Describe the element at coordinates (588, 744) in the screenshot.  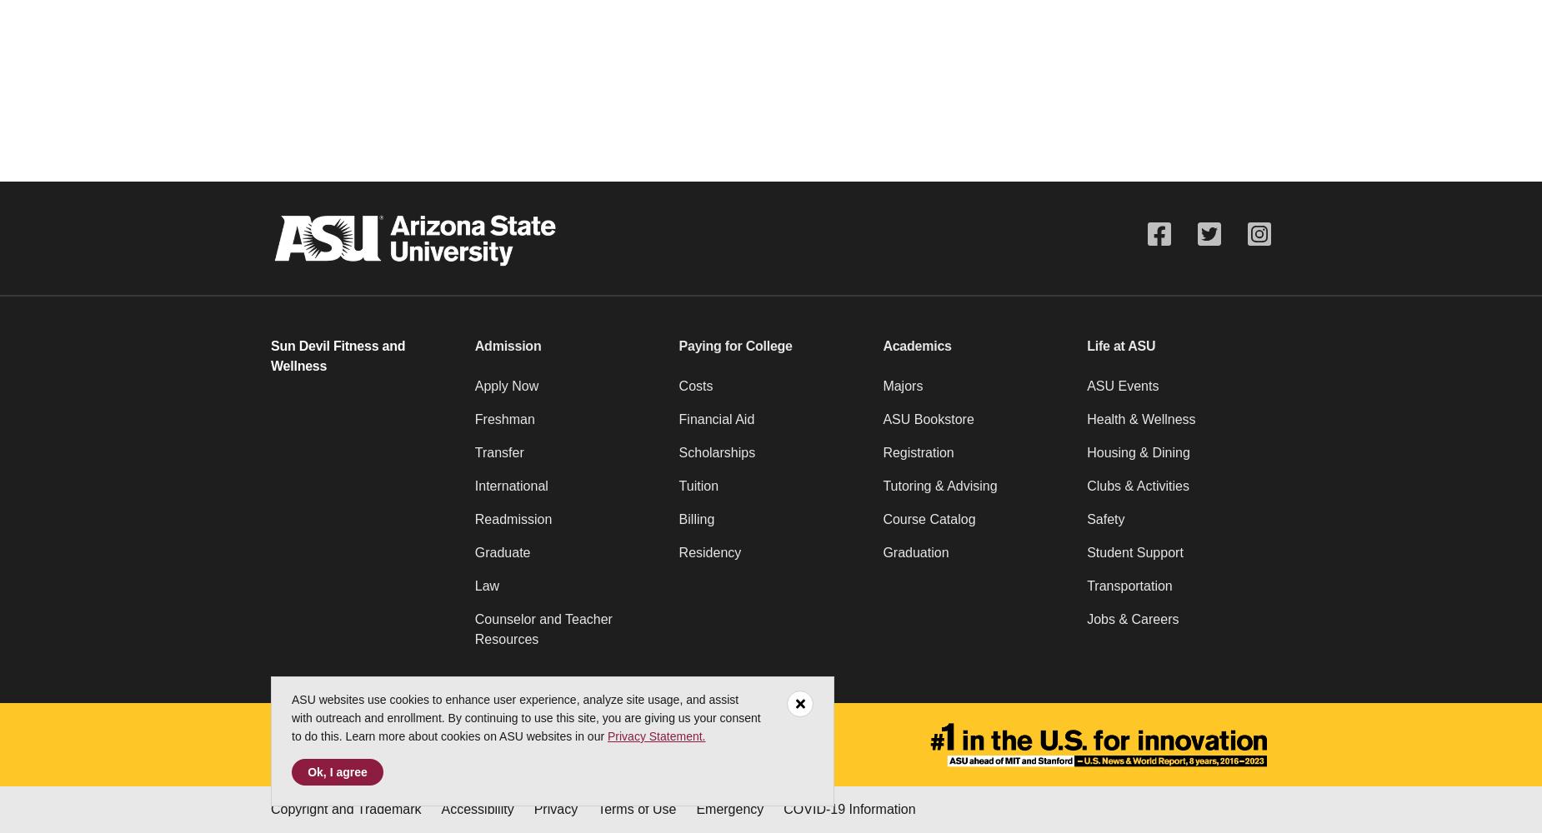
I see `'Contact ASU'` at that location.